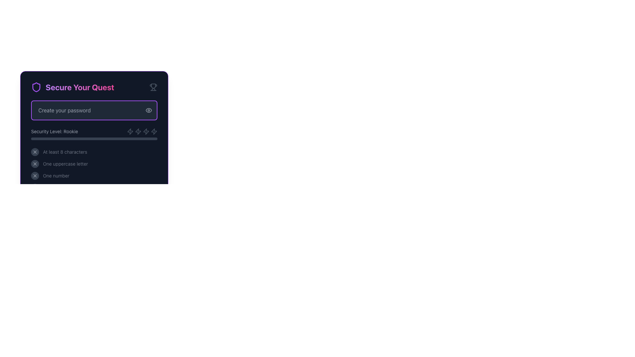 The height and width of the screenshot is (357, 635). What do you see at coordinates (138, 131) in the screenshot?
I see `the minimalist gray lightning bolt icon located in the third row of the password validation panel, adjacent to the password security level label` at bounding box center [138, 131].